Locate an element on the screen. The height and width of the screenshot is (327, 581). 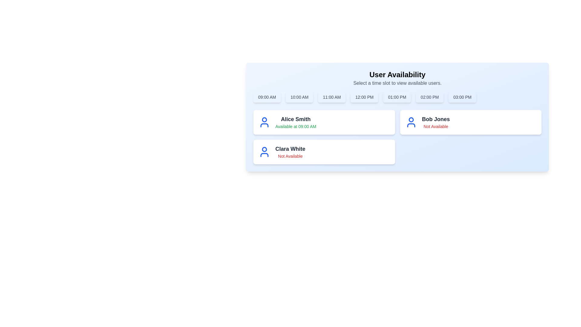
the '01:00 PM' button, which is the fifth button in the time slot row under the 'User Availability' header is located at coordinates (397, 97).